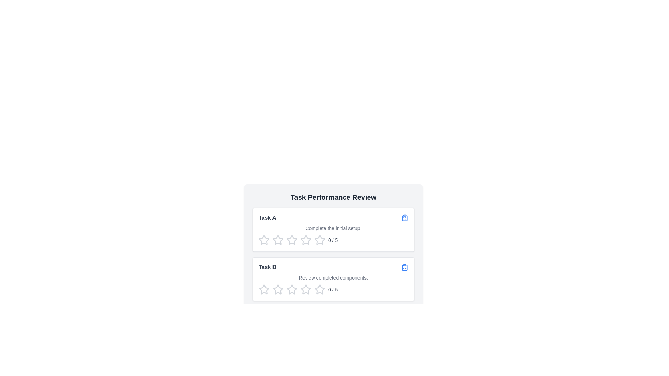  What do you see at coordinates (306, 290) in the screenshot?
I see `the fifth star icon` at bounding box center [306, 290].